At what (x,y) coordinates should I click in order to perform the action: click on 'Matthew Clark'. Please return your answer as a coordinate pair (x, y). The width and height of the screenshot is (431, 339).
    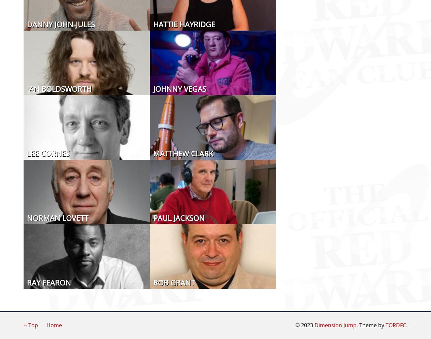
    Looking at the image, I should click on (153, 153).